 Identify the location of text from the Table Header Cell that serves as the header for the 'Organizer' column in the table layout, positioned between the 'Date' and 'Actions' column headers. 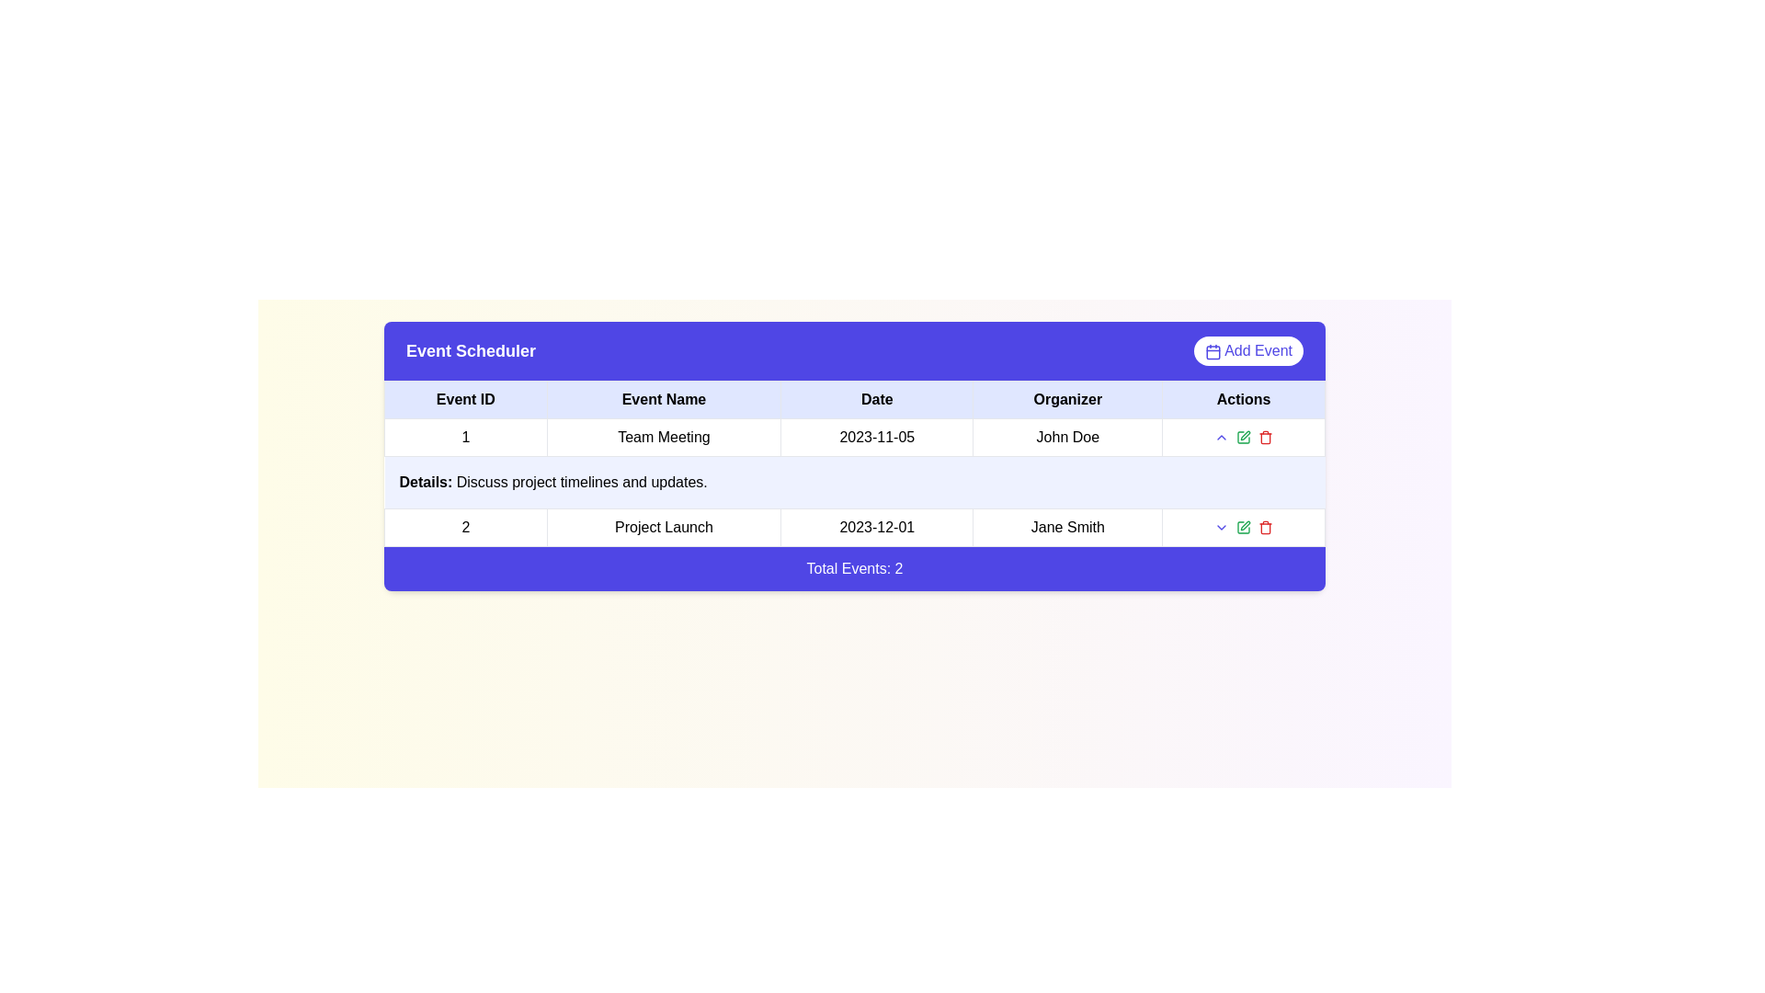
(1067, 399).